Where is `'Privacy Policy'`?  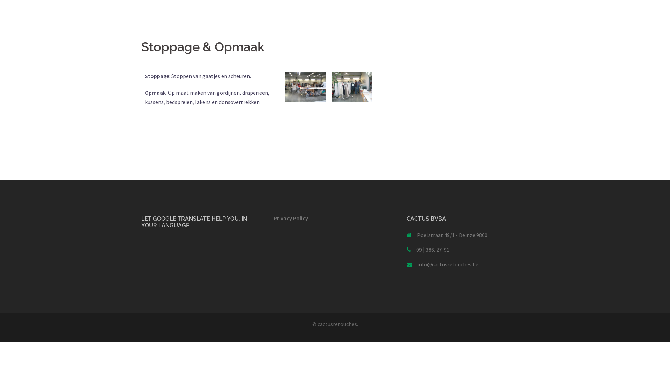 'Privacy Policy' is located at coordinates (291, 217).